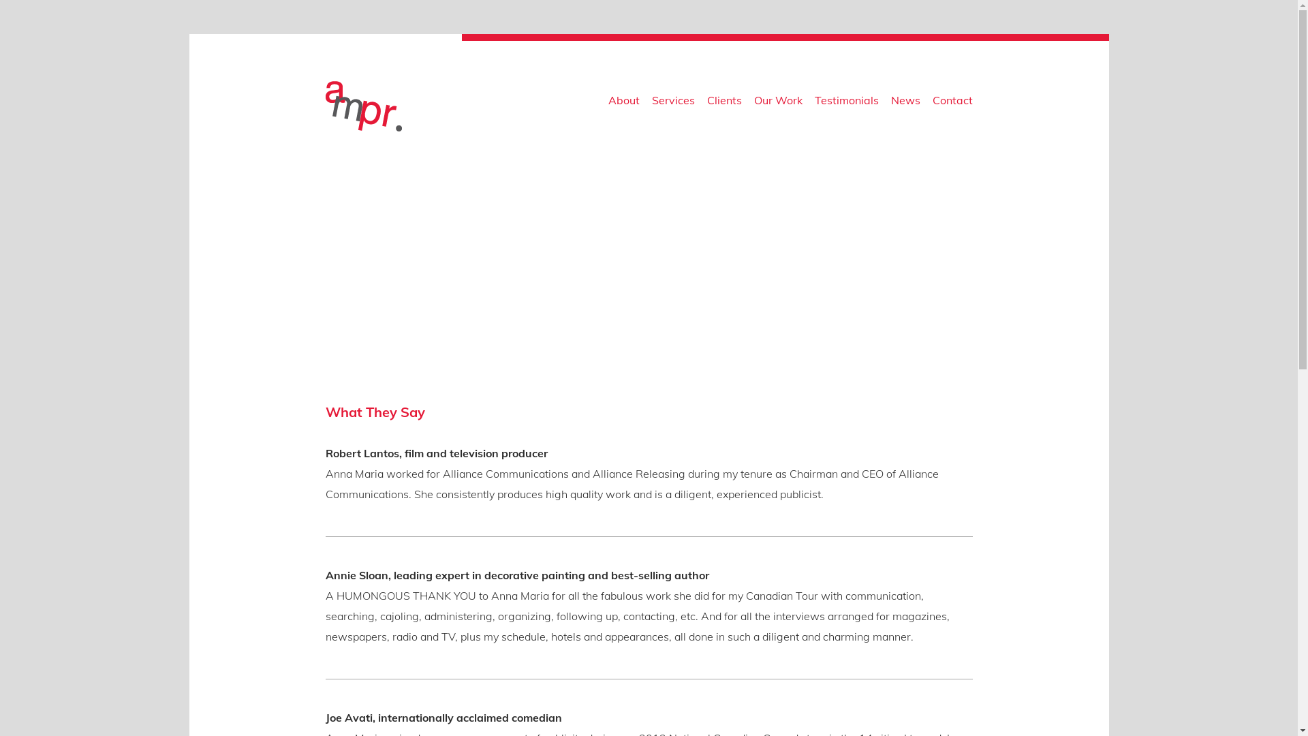 The height and width of the screenshot is (736, 1308). Describe the element at coordinates (623, 102) in the screenshot. I see `'About'` at that location.